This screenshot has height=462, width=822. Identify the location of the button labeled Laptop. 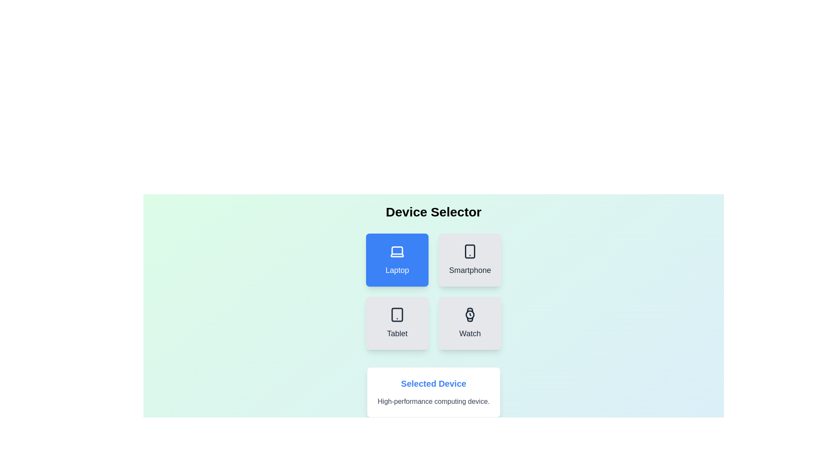
(396, 260).